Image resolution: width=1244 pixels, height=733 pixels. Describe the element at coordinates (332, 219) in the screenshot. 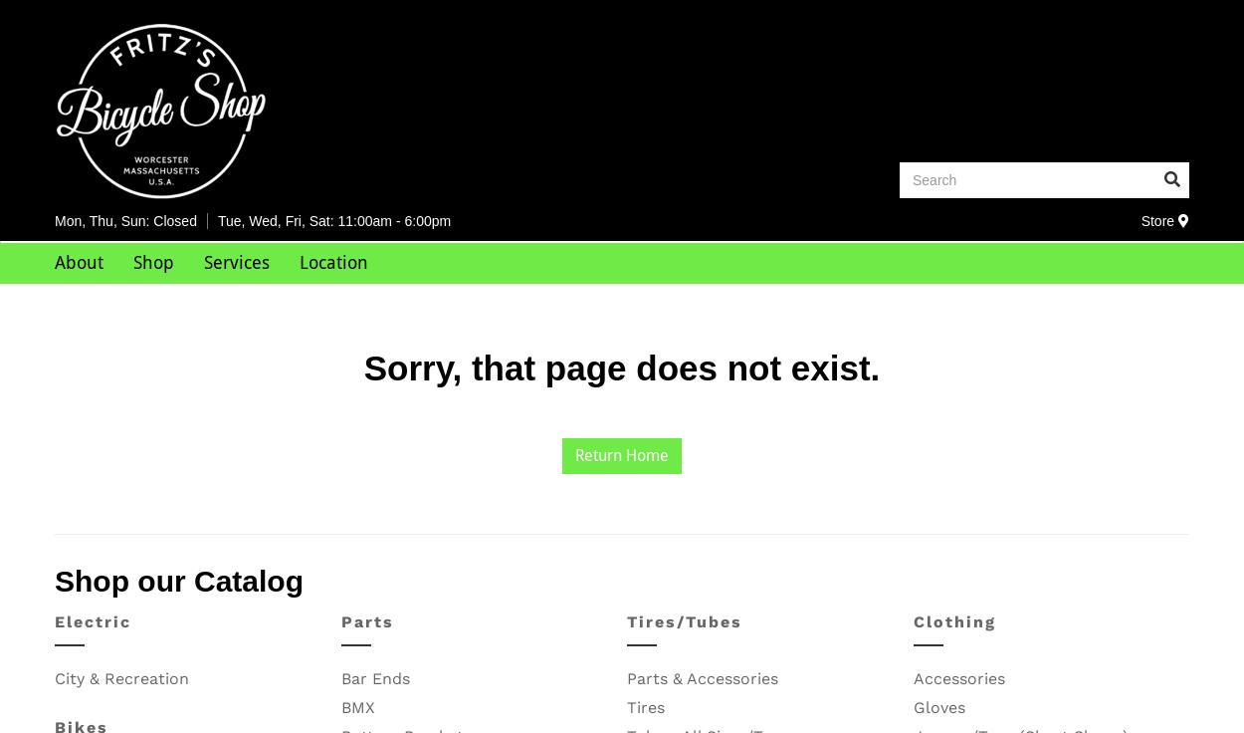

I see `'Tue, Wed, Fri, Sat: 11:00am - 6:00pm'` at that location.